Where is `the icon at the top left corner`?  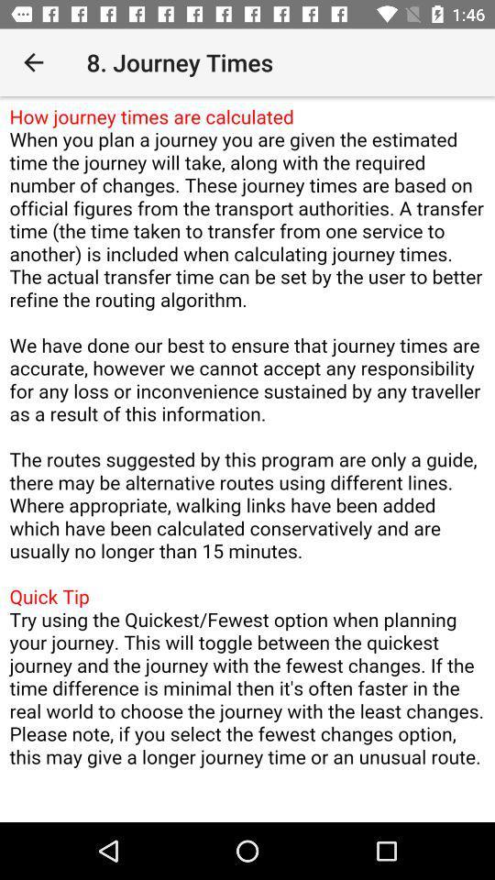 the icon at the top left corner is located at coordinates (33, 62).